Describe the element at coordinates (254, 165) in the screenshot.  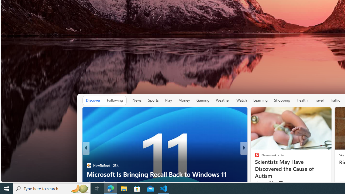
I see `'YourTango: Revolutionizing Relationships'` at that location.